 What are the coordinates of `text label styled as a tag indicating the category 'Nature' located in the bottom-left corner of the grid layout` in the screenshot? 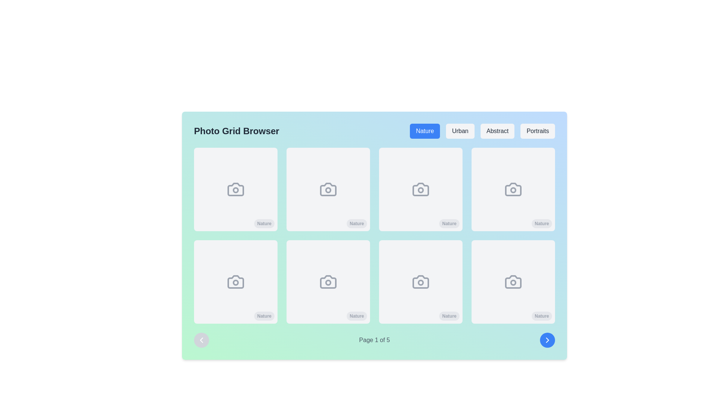 It's located at (264, 316).